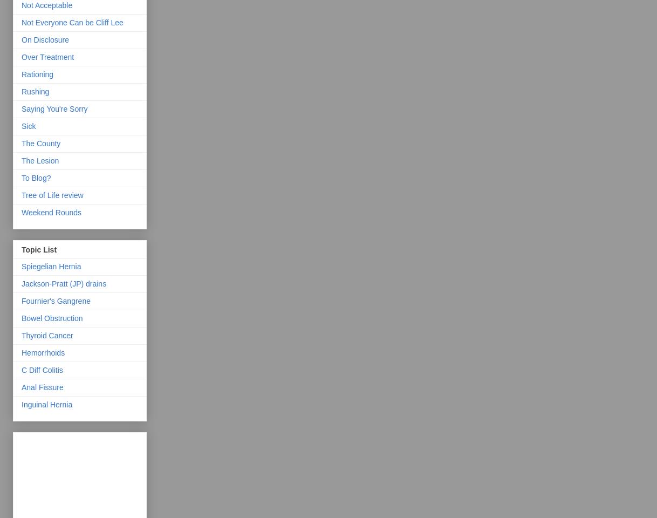 The image size is (657, 518). Describe the element at coordinates (52, 195) in the screenshot. I see `'Tree of Life review'` at that location.